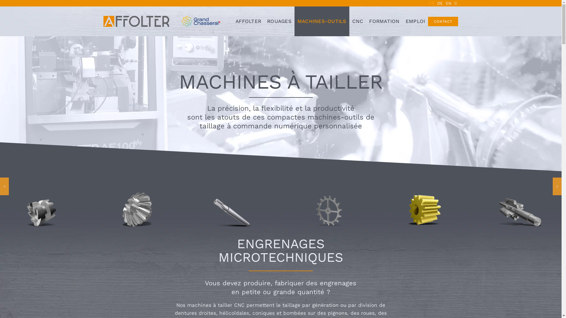 This screenshot has width=566, height=318. What do you see at coordinates (248, 21) in the screenshot?
I see `'AFFOLTER'` at bounding box center [248, 21].